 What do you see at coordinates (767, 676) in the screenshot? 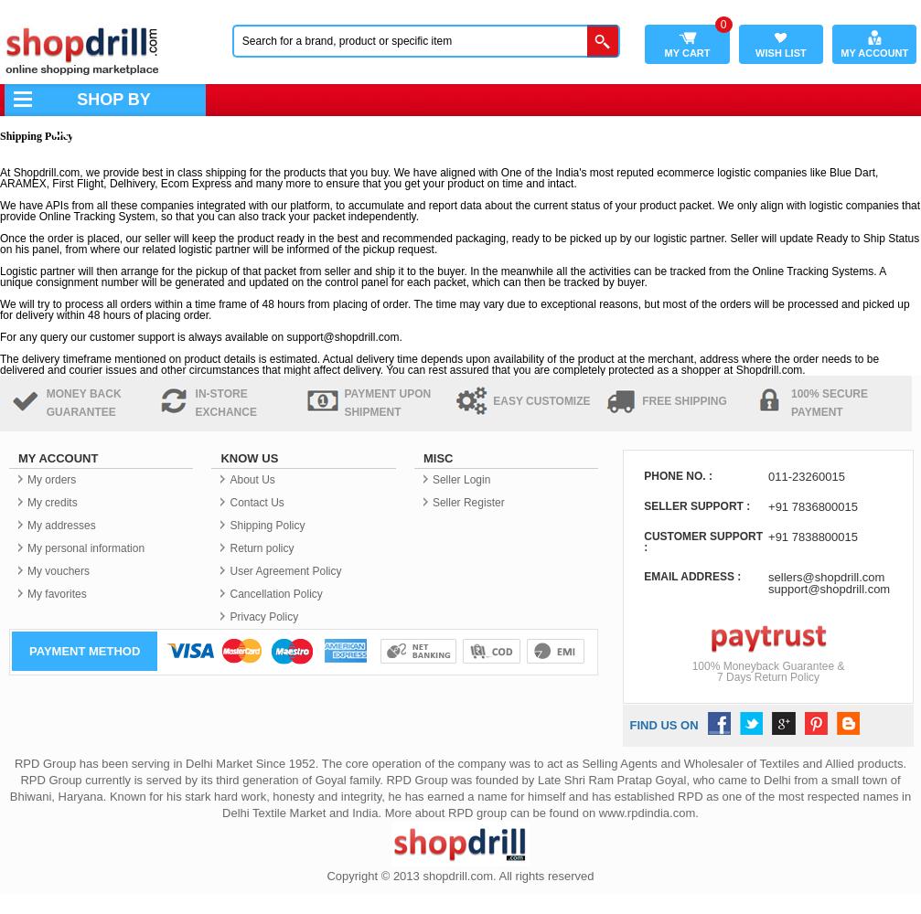
I see `'7 Days Return Policy'` at bounding box center [767, 676].